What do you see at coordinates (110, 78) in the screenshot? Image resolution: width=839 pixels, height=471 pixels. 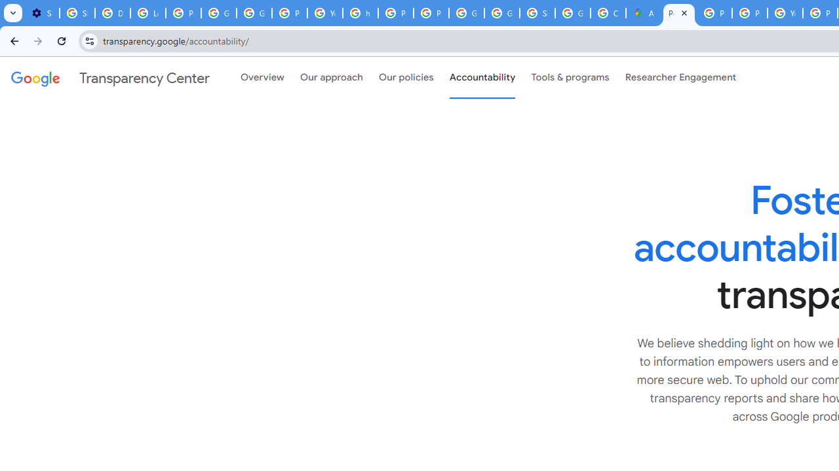 I see `'Transparency Center'` at bounding box center [110, 78].